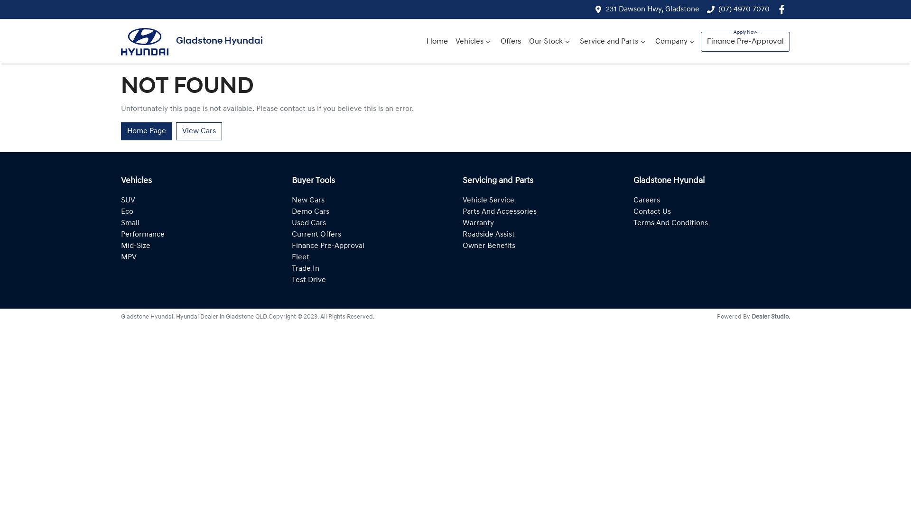  Describe the element at coordinates (718, 9) in the screenshot. I see `'(07) 4970 7070'` at that location.